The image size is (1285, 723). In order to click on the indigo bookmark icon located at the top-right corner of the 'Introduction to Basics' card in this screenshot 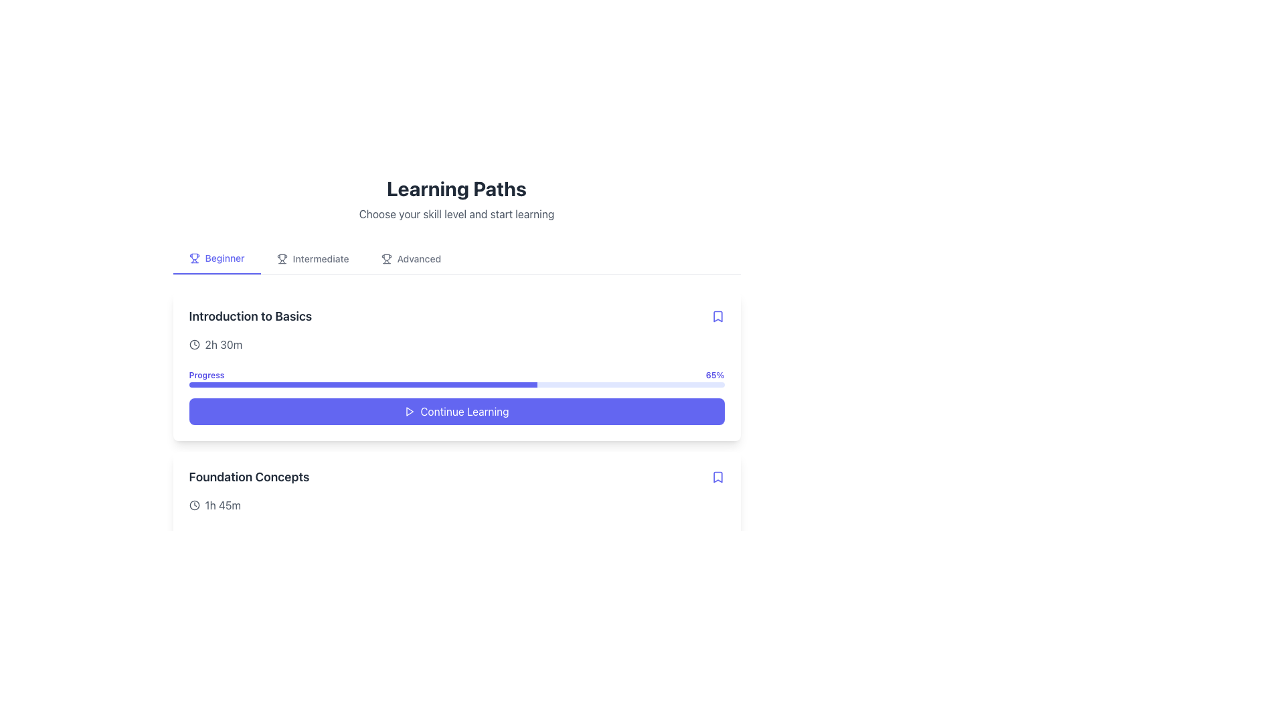, I will do `click(717, 317)`.